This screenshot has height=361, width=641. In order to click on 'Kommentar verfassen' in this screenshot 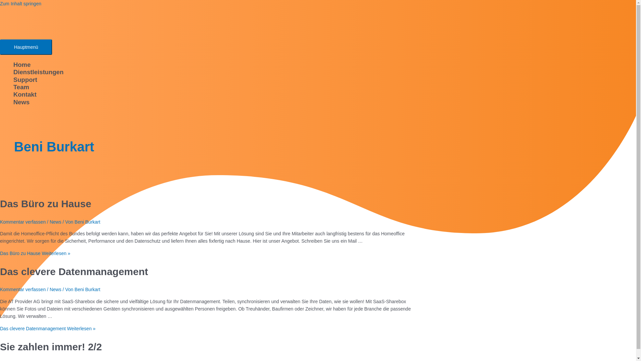, I will do `click(23, 289)`.